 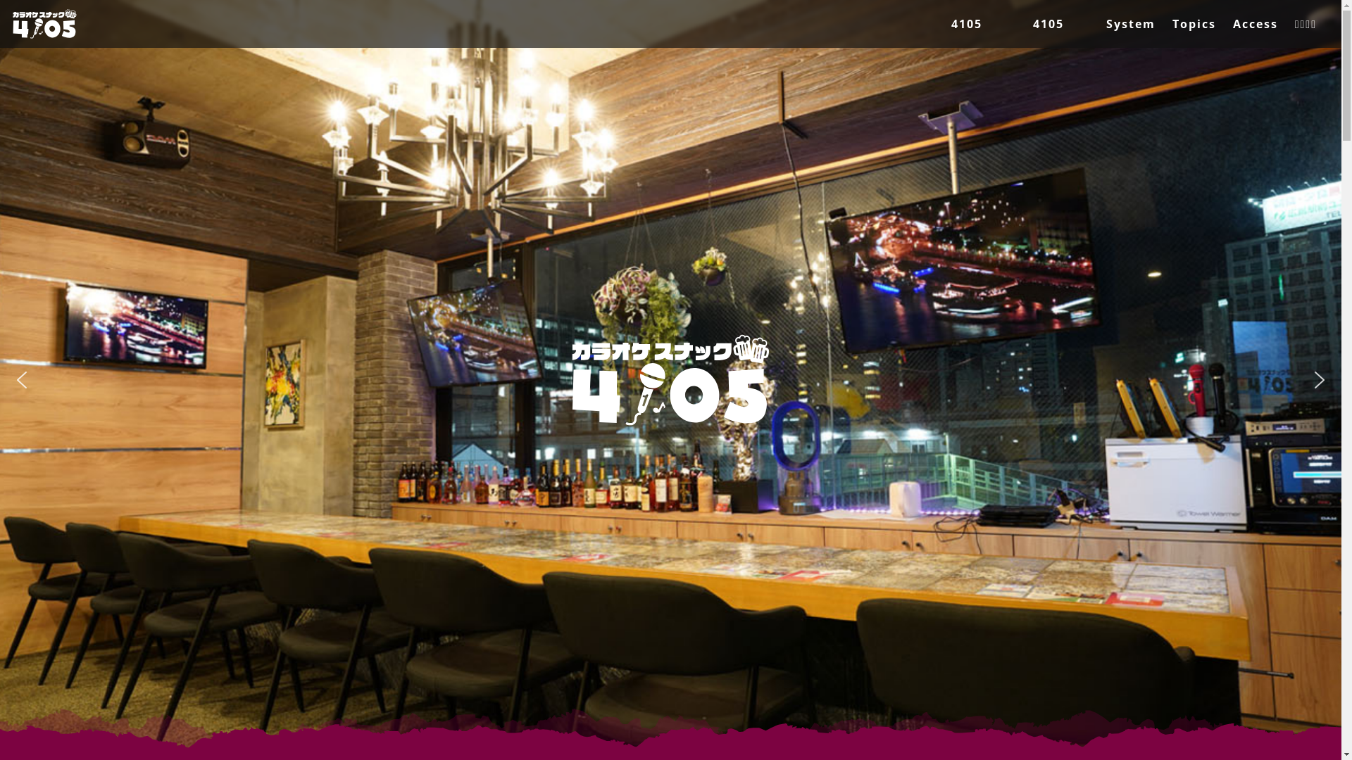 What do you see at coordinates (1131, 24) in the screenshot?
I see `'System'` at bounding box center [1131, 24].